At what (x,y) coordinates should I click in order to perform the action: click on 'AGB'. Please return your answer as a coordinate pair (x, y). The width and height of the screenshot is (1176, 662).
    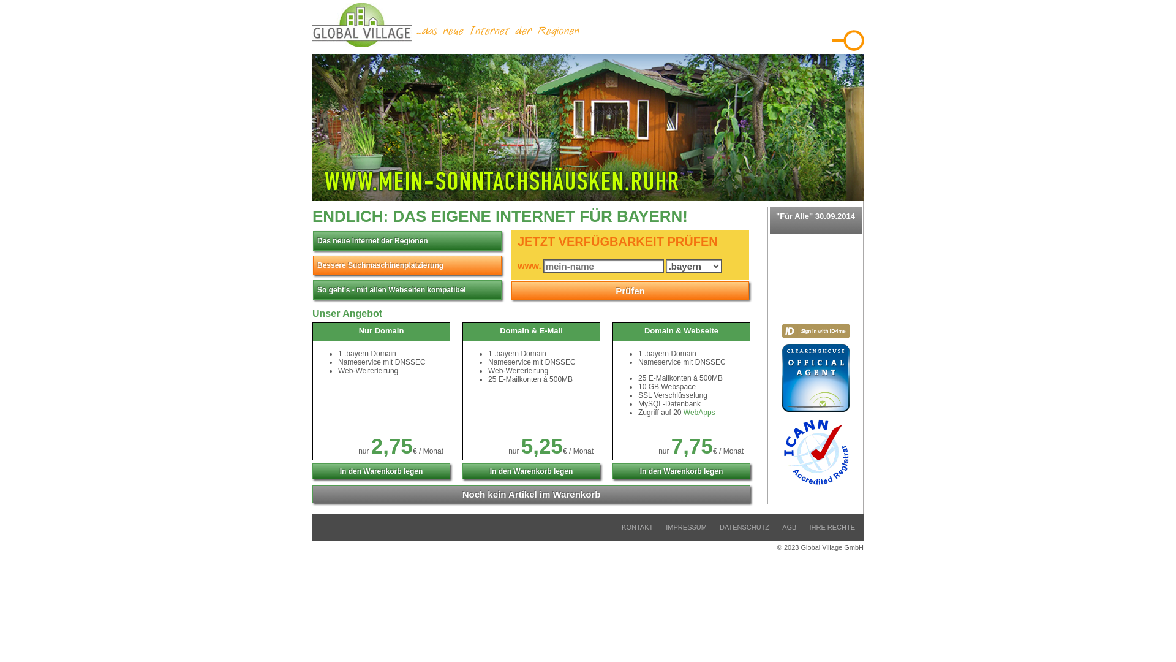
    Looking at the image, I should click on (775, 527).